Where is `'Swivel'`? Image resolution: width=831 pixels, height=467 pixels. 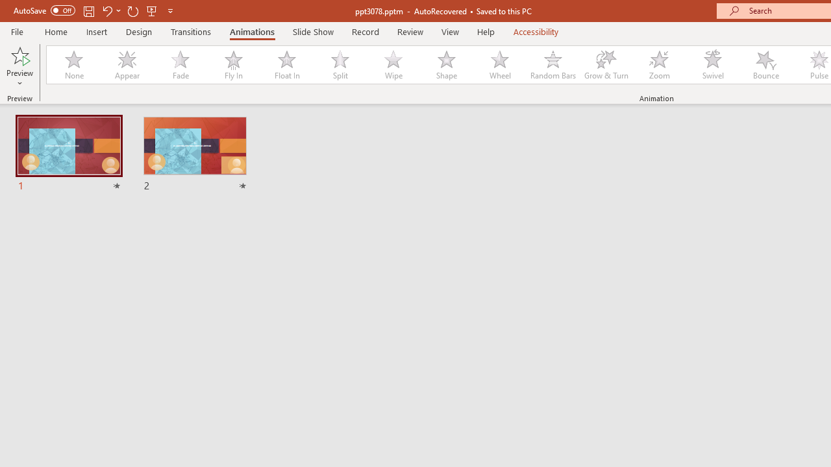
'Swivel' is located at coordinates (712, 65).